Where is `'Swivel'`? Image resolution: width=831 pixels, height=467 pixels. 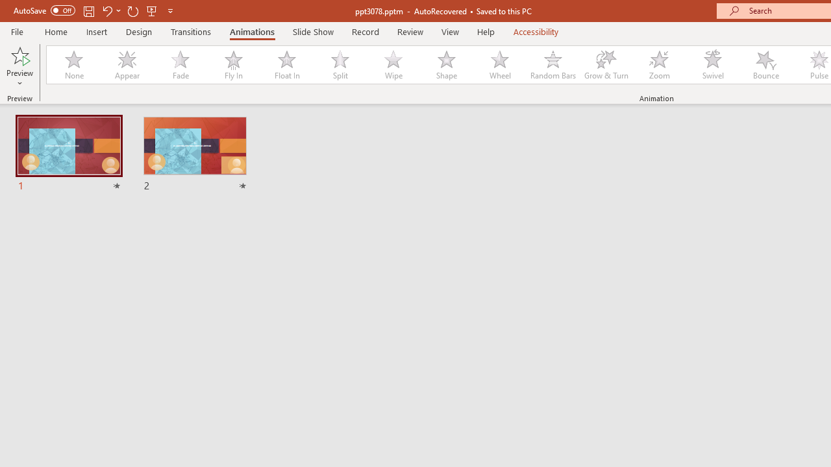
'Swivel' is located at coordinates (712, 65).